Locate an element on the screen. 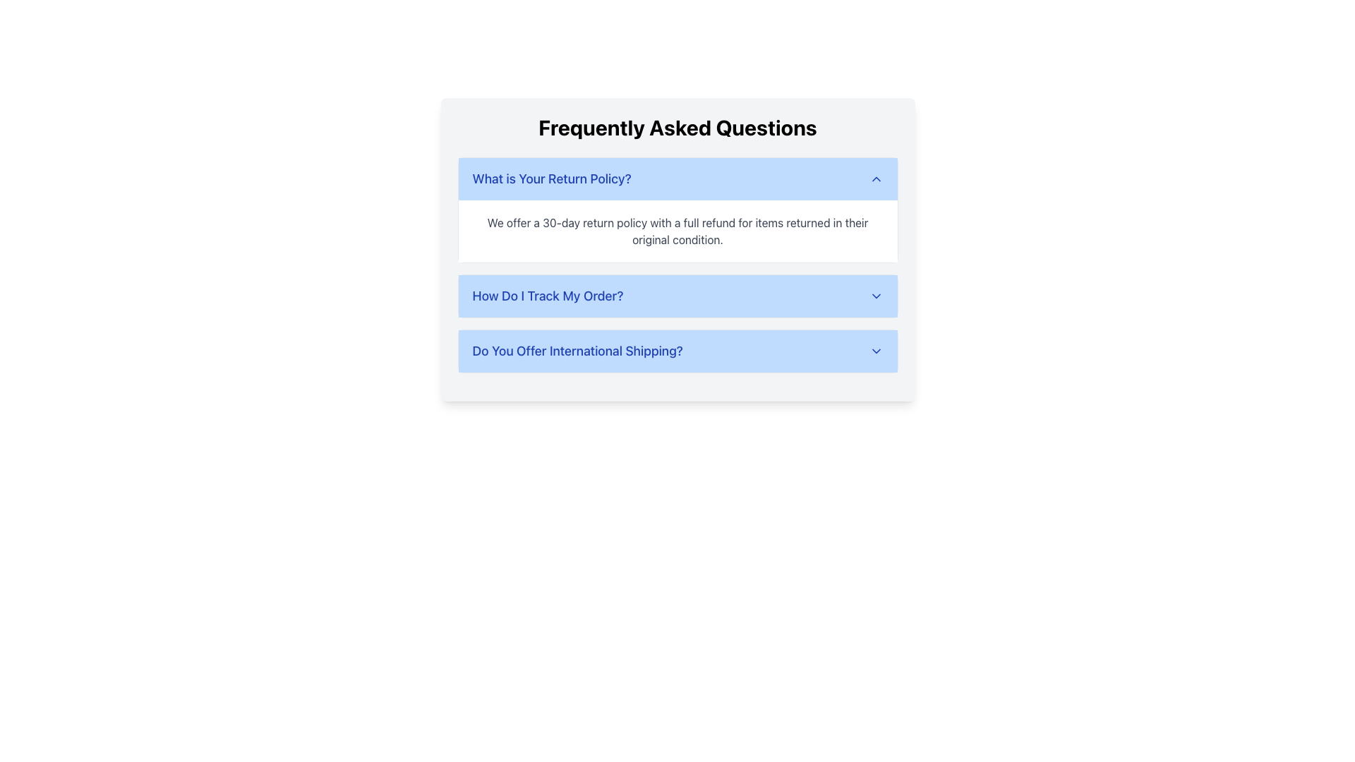 This screenshot has height=762, width=1355. the Text block providing detailed information about the store's return policy, located below the 'What is Your Return Policy?' section in the FAQ interface is located at coordinates (677, 230).